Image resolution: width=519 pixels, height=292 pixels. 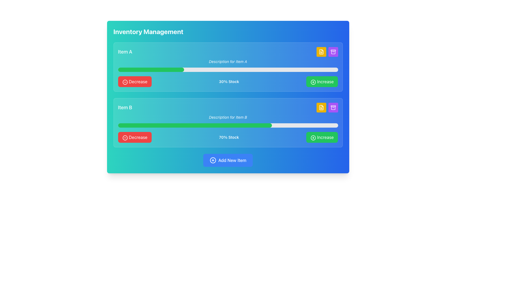 I want to click on the non-interactive graphical icon component resembling the lid of a storage or archive box, located on the right side of the interface, so click(x=333, y=50).